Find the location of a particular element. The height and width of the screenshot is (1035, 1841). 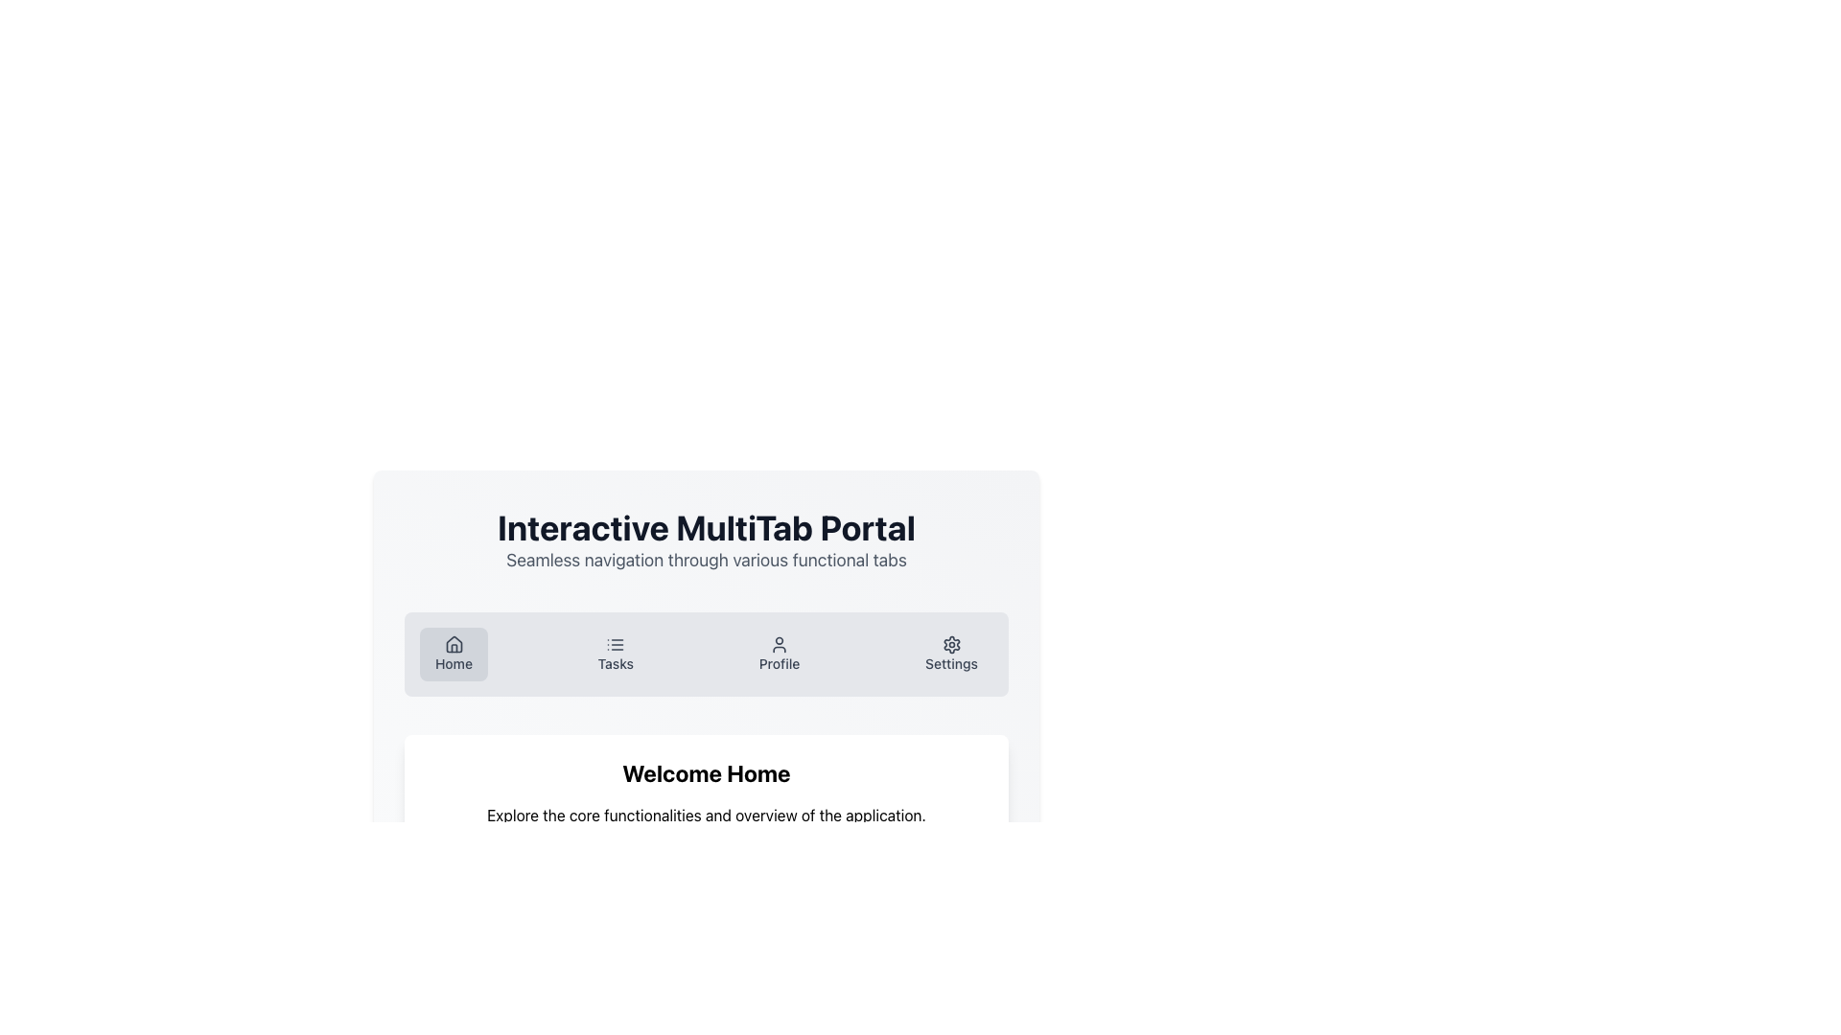

the Profile Icon, which is the third tab in the horizontal navigation bar is located at coordinates (780, 644).